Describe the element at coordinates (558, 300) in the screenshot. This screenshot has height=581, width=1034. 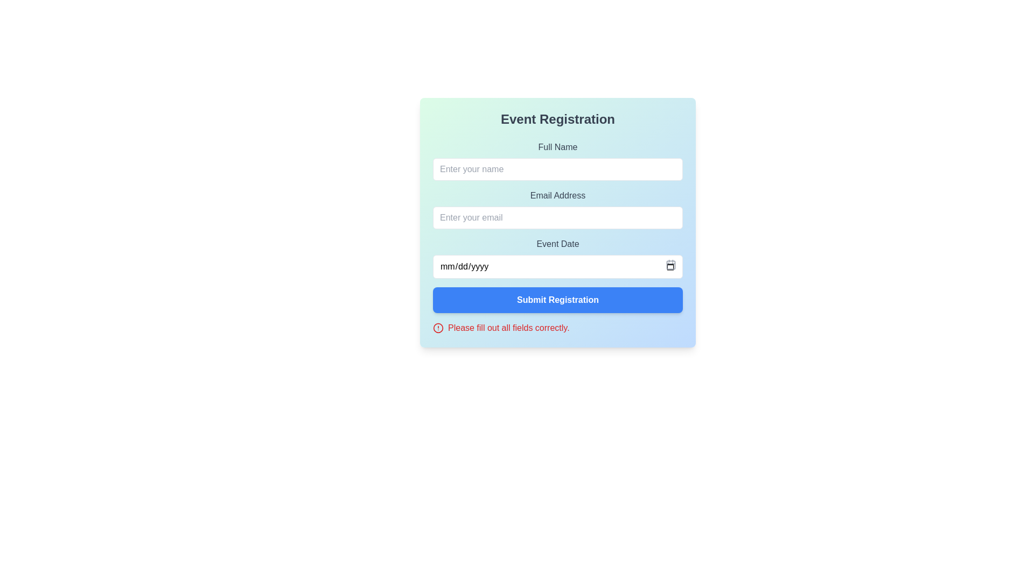
I see `the submit button located at the bottom of the registration form` at that location.